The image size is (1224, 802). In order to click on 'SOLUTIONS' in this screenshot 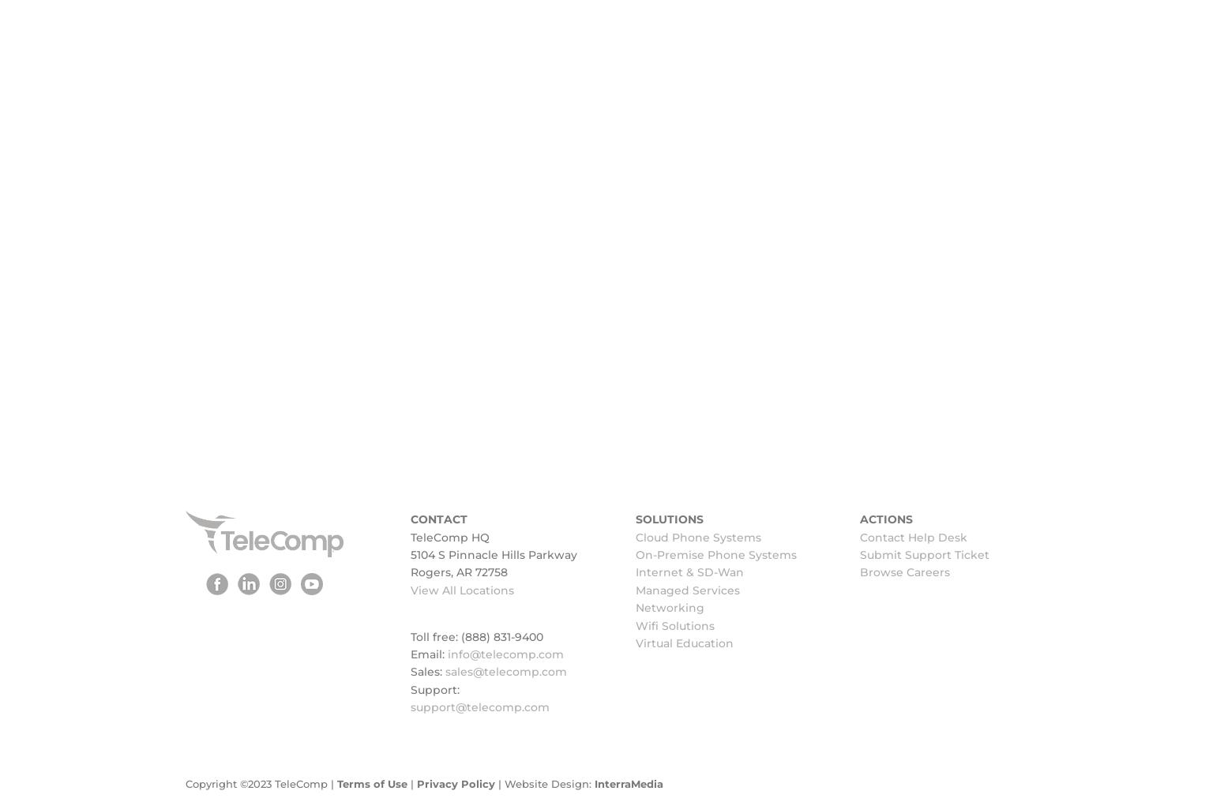, I will do `click(668, 518)`.